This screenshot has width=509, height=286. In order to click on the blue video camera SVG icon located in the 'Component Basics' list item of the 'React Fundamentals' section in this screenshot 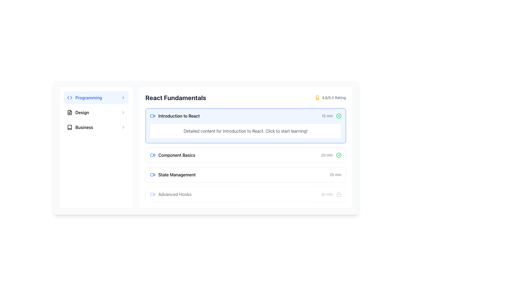, I will do `click(152, 155)`.